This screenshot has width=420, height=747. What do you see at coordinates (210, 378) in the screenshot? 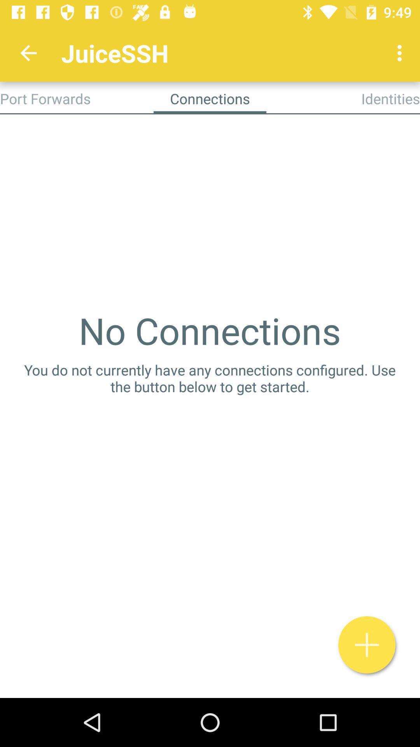
I see `the icon below no connections` at bounding box center [210, 378].